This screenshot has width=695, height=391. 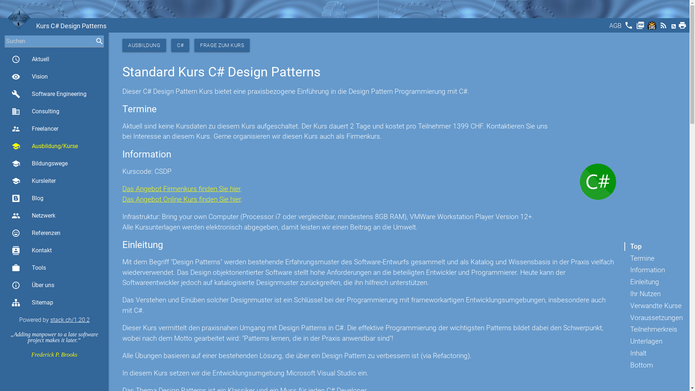 I want to click on 'AGB', so click(x=616, y=27).